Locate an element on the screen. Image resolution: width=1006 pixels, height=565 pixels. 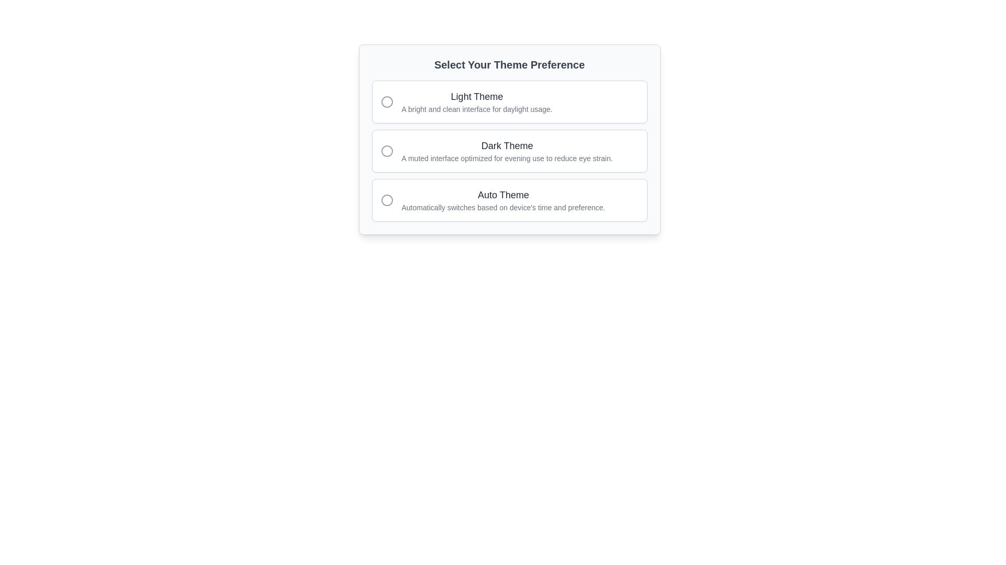
the 'Dark Theme' option, which is the middle element in the theme preference selectors is located at coordinates (507, 151).